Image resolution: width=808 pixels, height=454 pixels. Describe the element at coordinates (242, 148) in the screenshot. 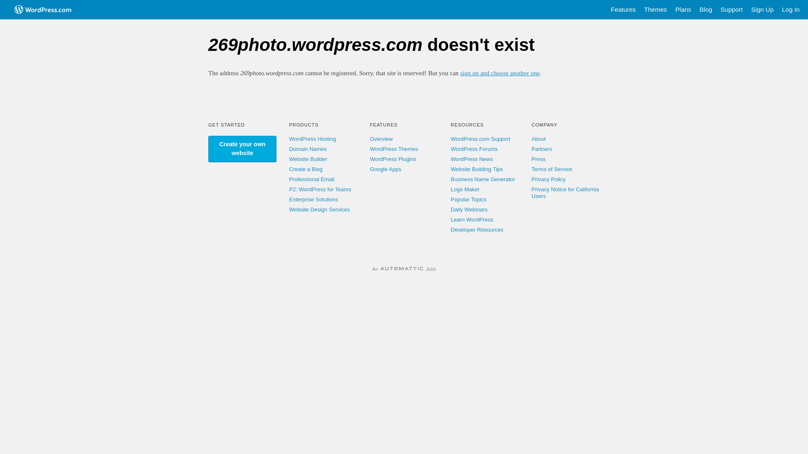

I see `'Create your own website'` at that location.